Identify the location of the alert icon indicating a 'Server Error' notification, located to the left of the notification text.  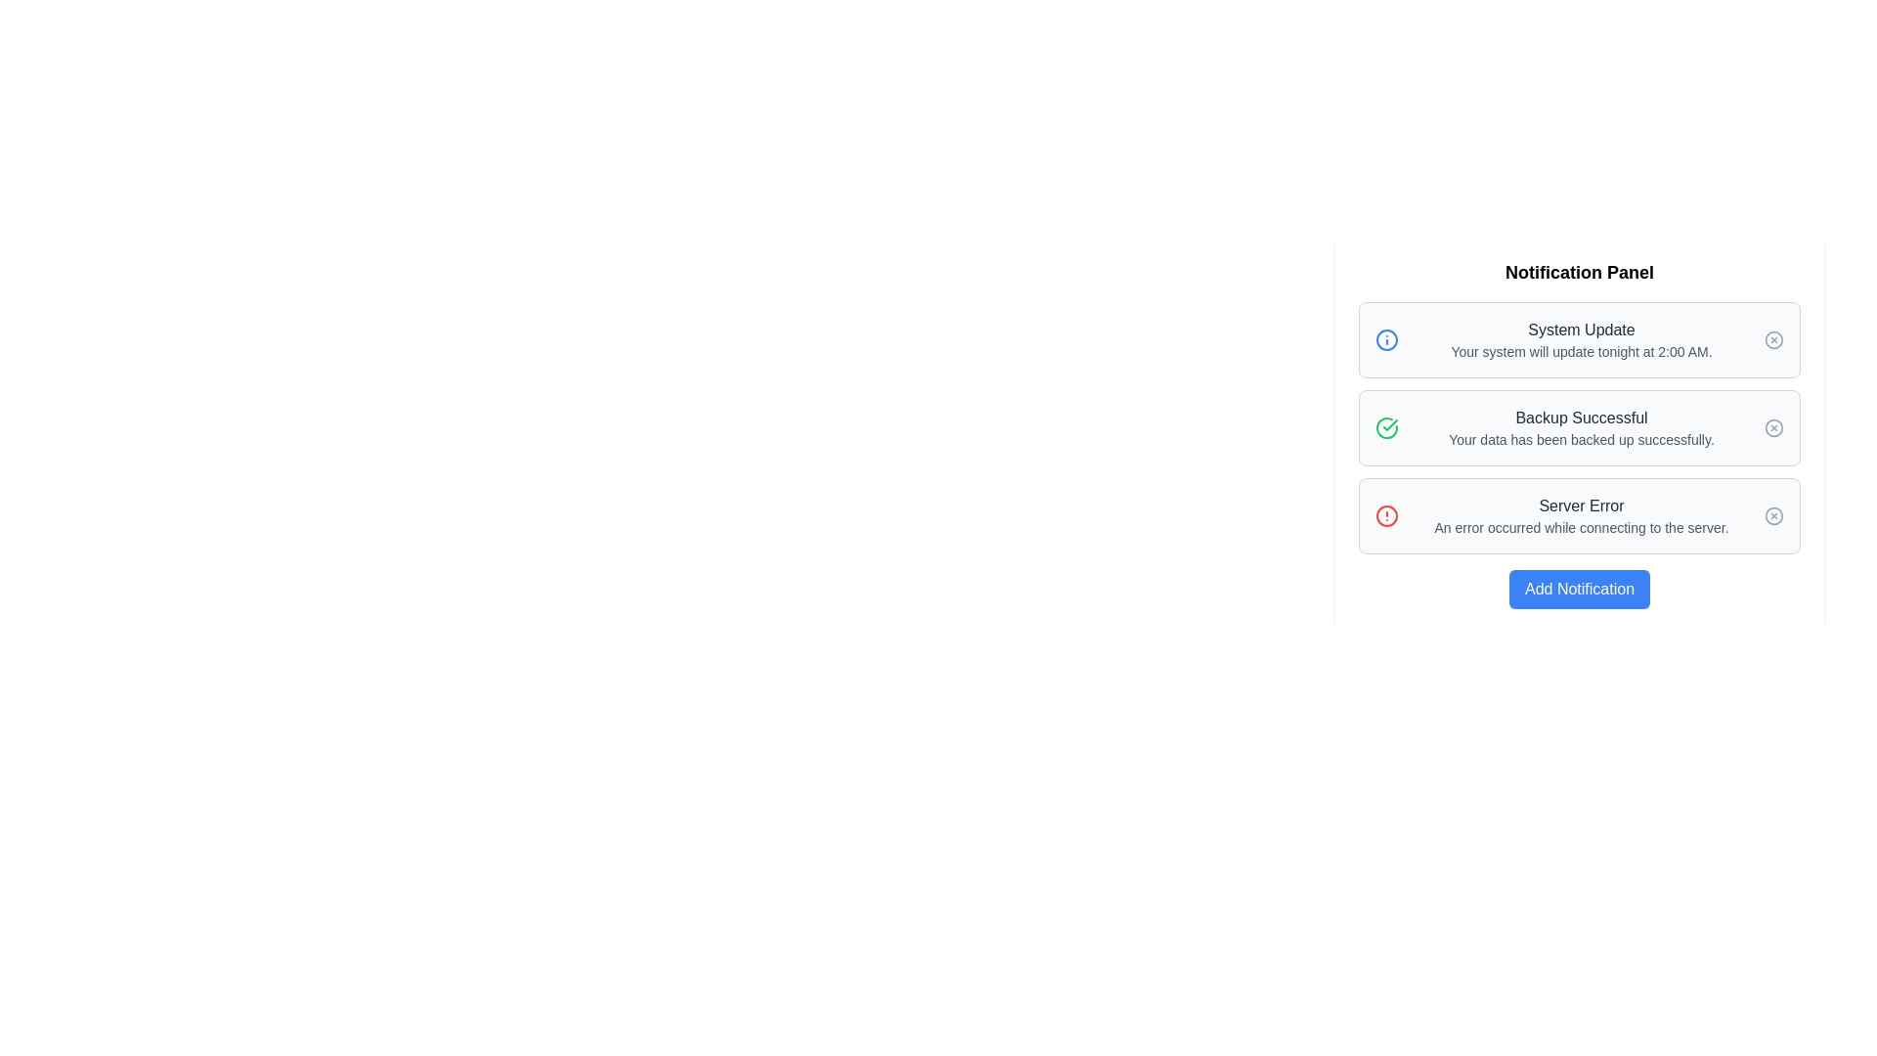
(1386, 515).